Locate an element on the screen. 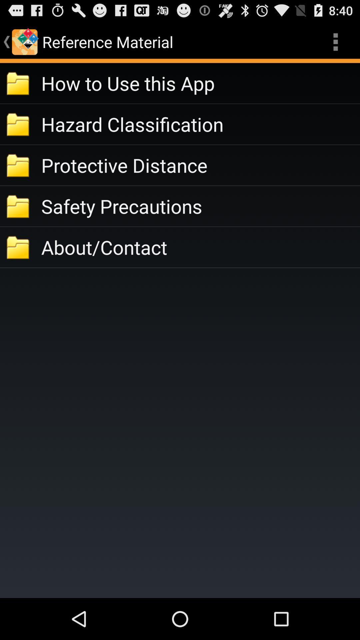  third folder symbol from top is located at coordinates (18, 165).